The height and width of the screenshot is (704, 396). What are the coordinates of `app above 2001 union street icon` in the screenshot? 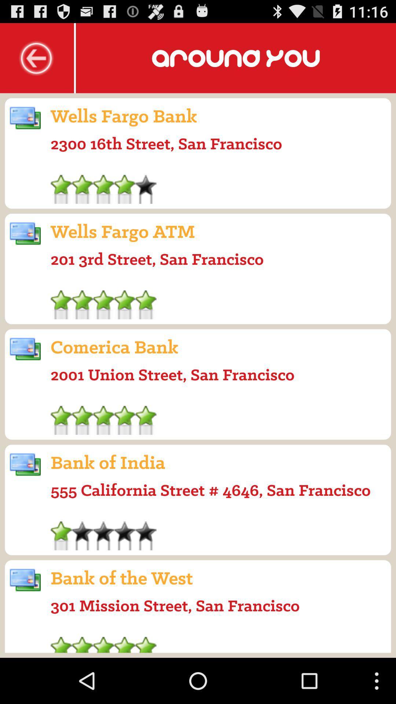 It's located at (114, 346).